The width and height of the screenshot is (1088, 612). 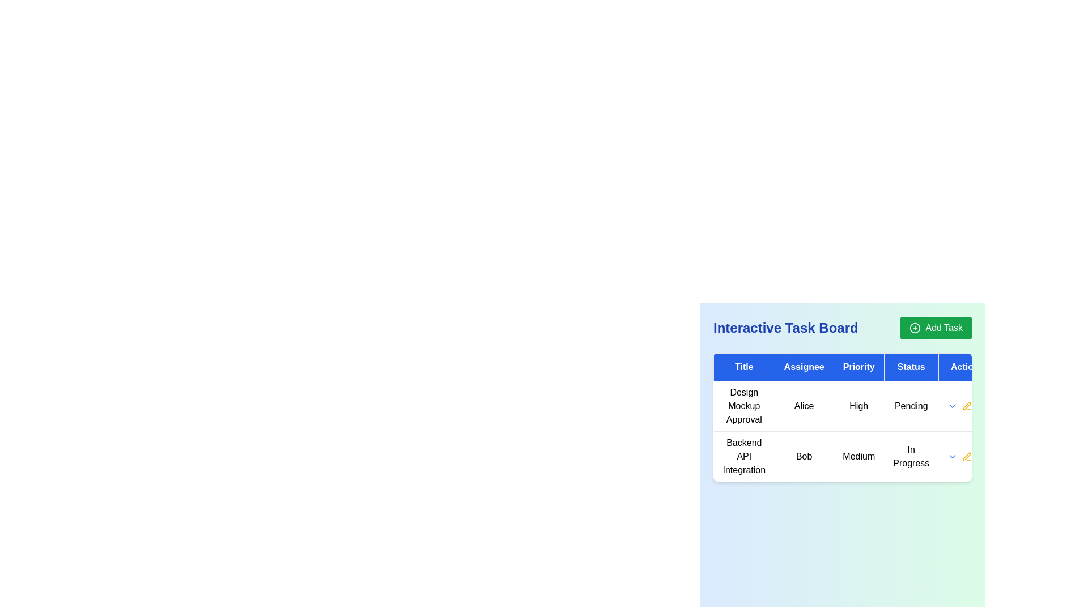 What do you see at coordinates (855, 406) in the screenshot?
I see `information displayed on the text label summarizing a task, located in the first row of a table structure, horizontally centered within its row` at bounding box center [855, 406].